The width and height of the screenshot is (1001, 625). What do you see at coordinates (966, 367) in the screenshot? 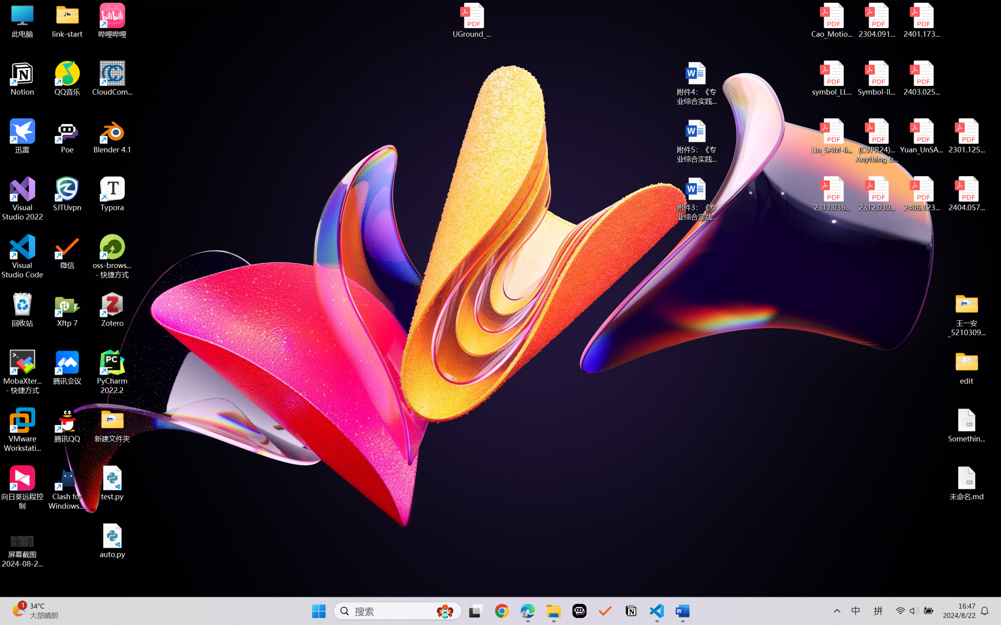
I see `'edit'` at bounding box center [966, 367].